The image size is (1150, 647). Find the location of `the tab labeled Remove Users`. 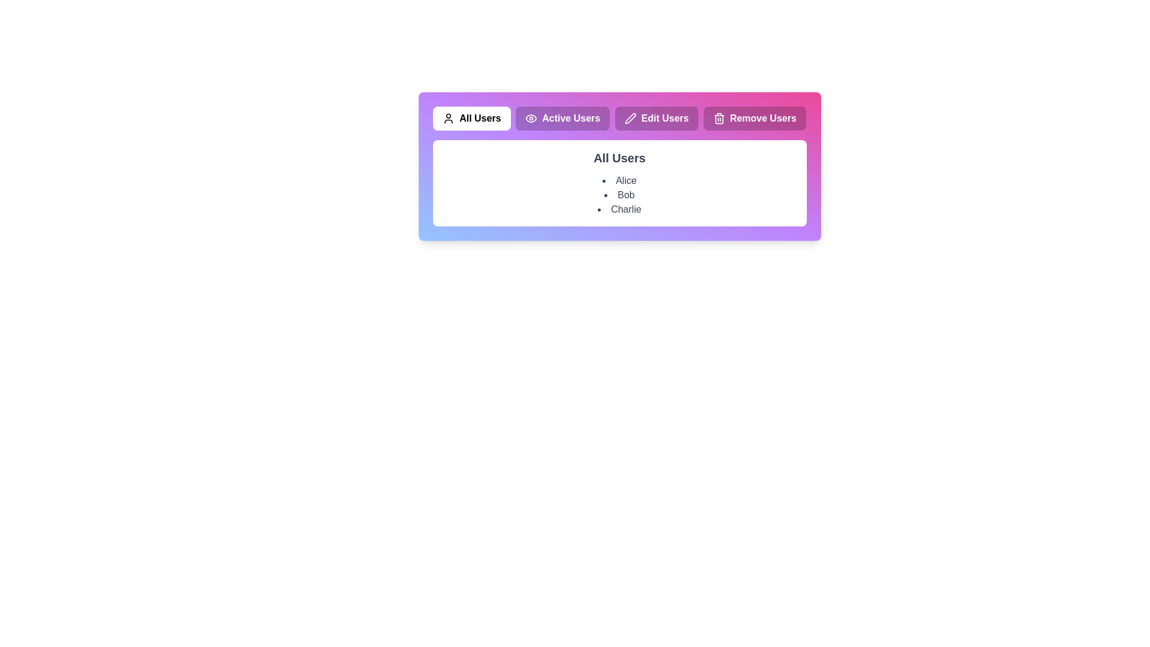

the tab labeled Remove Users is located at coordinates (754, 118).